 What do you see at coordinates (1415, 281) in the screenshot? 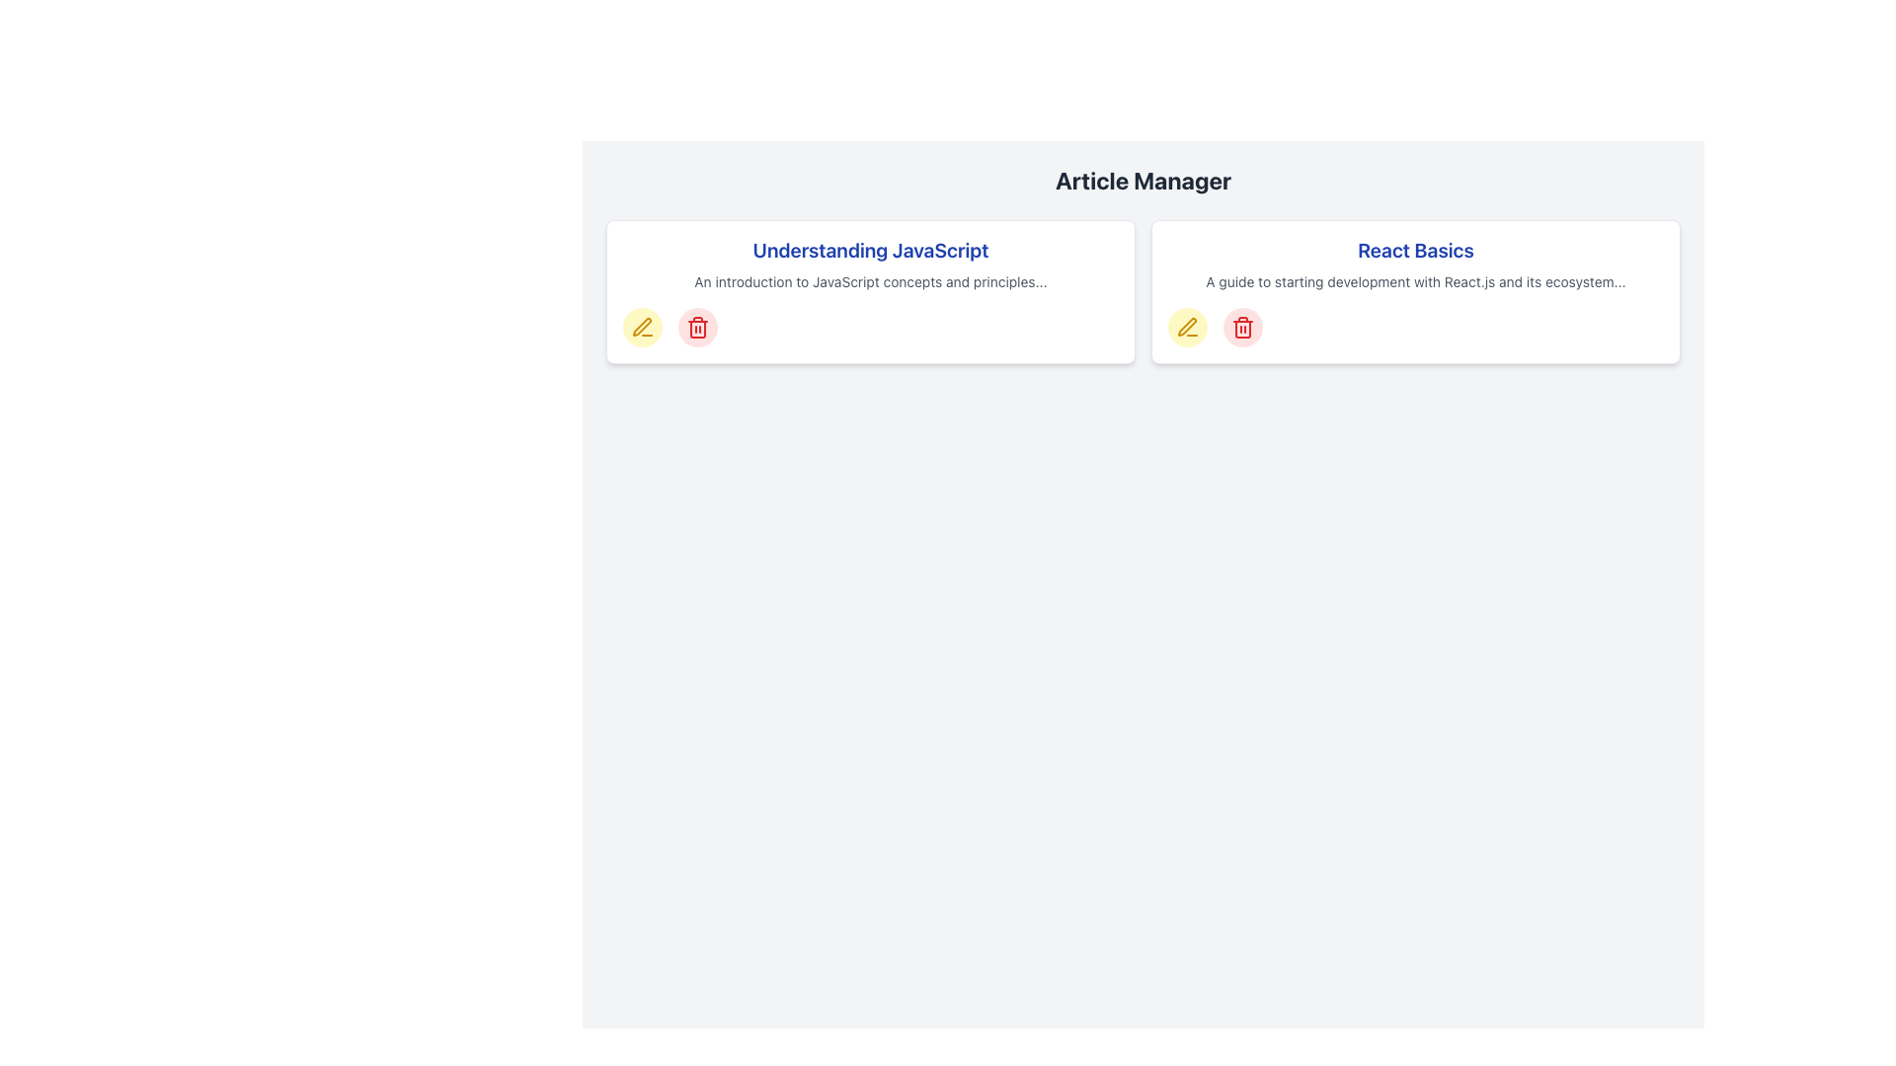
I see `the text label providing a brief description about 'React Basics', which is located within the card component titled 'React Basics'` at bounding box center [1415, 281].